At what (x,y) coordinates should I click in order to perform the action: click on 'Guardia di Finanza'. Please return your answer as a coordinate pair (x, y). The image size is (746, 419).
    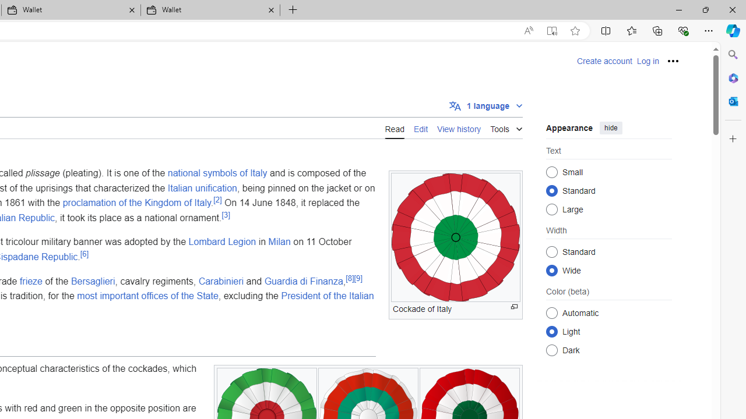
    Looking at the image, I should click on (303, 280).